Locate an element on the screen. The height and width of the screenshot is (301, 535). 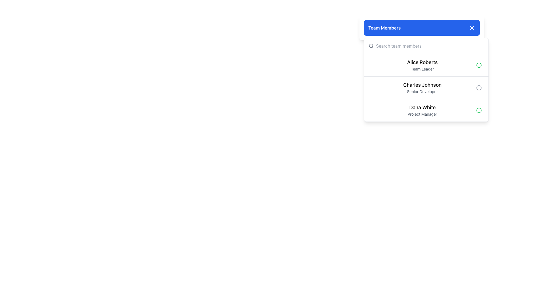
the first team member's name and title displayed in the list for further actions or information is located at coordinates (422, 65).